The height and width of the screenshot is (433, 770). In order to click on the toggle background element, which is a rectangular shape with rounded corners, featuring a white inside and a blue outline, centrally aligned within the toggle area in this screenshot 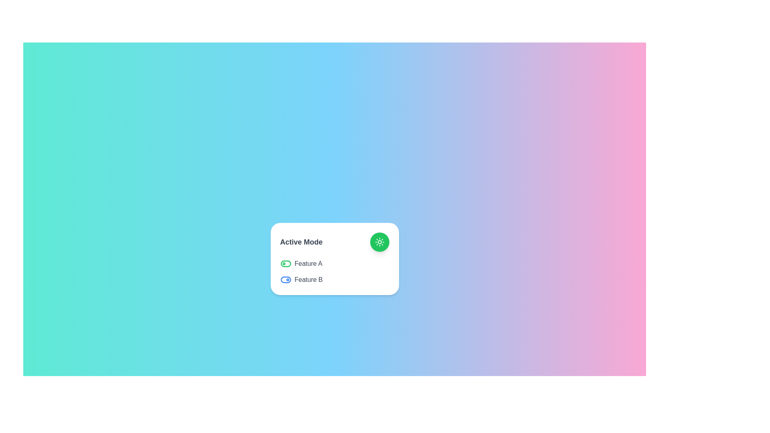, I will do `click(286, 279)`.